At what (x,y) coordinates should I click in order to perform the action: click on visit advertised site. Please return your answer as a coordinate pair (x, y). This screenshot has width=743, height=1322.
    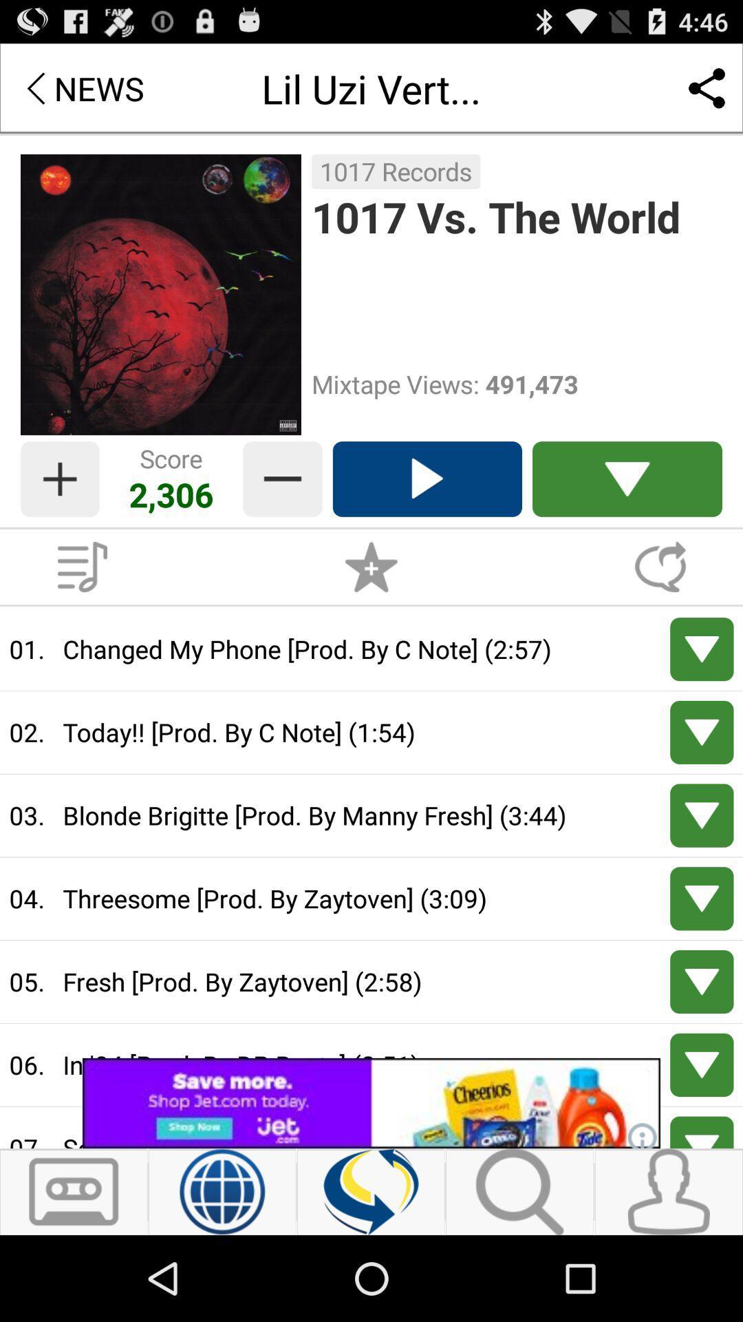
    Looking at the image, I should click on (371, 1103).